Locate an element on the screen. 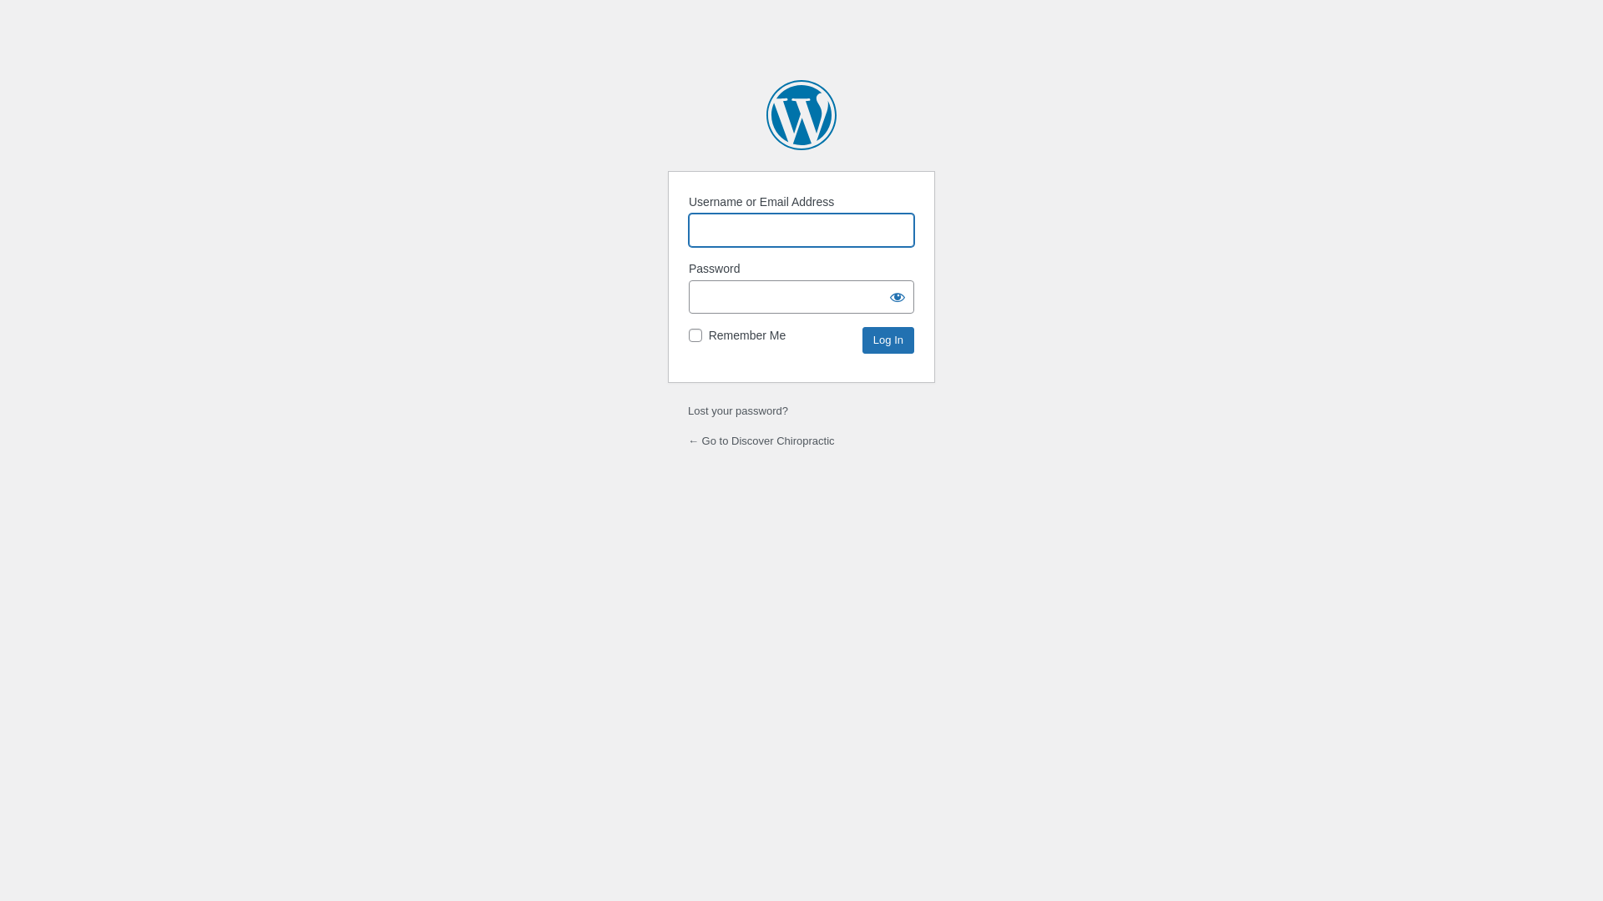 Image resolution: width=1603 pixels, height=901 pixels. 'Lost your password?' is located at coordinates (736, 410).